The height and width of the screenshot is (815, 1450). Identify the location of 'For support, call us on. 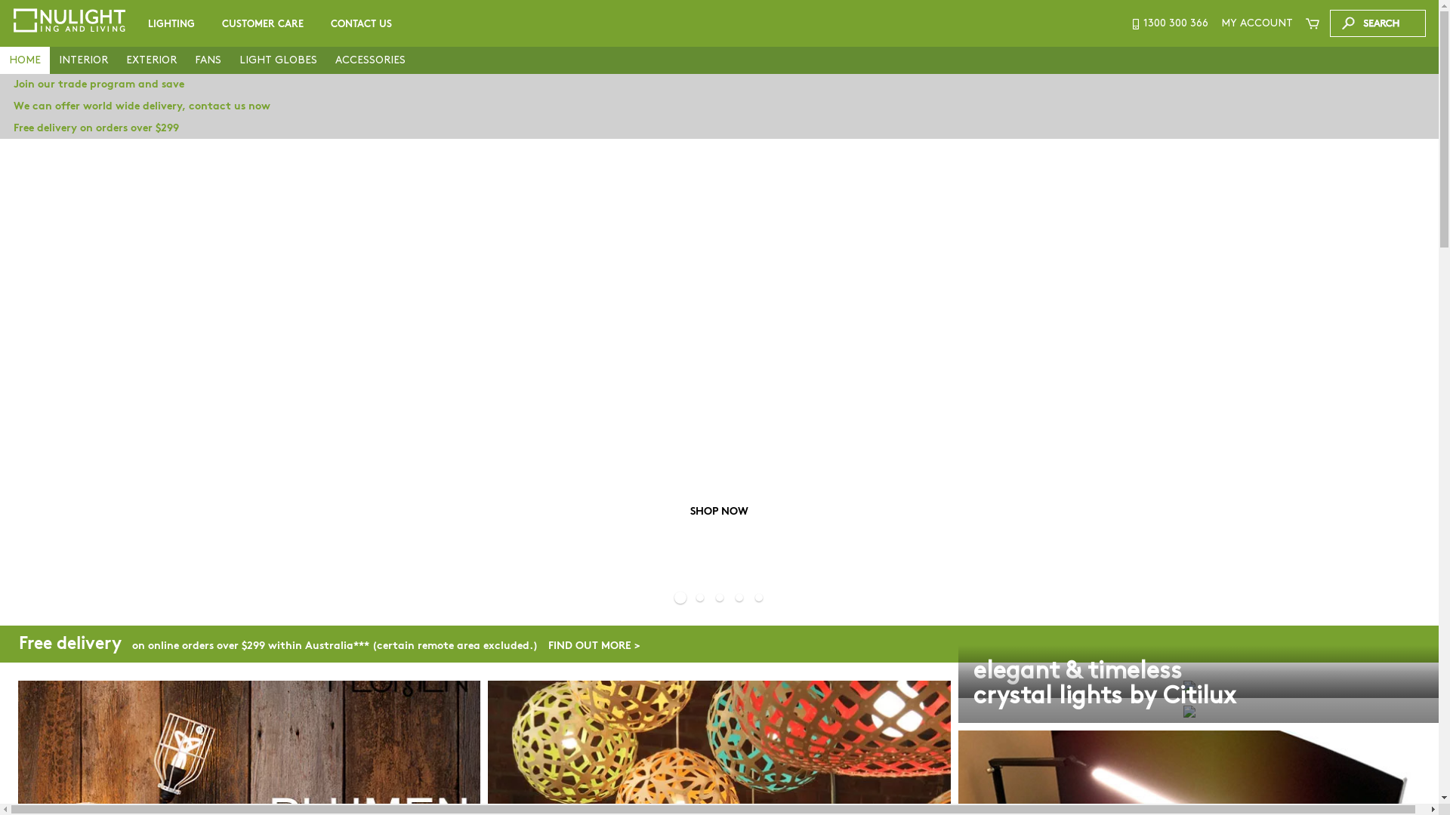
(1168, 23).